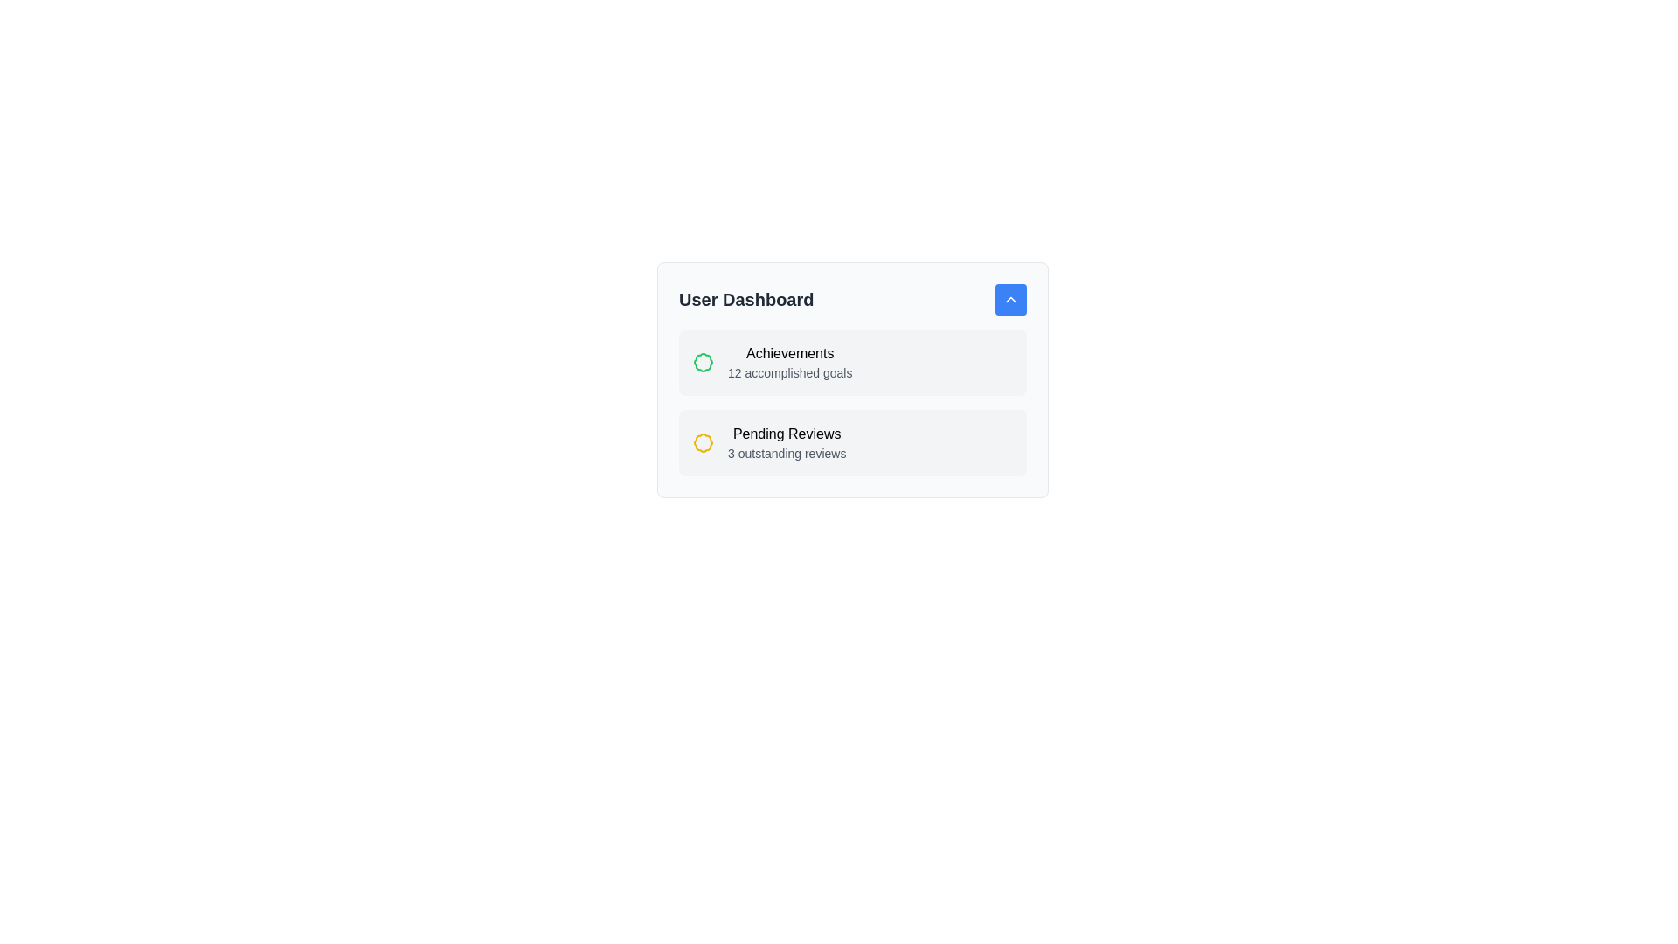 The image size is (1678, 944). I want to click on the upward-facing chevron arrow icon, which is styled with a hollow triangular shape and located at the top-right corner of the 'User Dashboard' section, to interact with it, so click(1010, 299).